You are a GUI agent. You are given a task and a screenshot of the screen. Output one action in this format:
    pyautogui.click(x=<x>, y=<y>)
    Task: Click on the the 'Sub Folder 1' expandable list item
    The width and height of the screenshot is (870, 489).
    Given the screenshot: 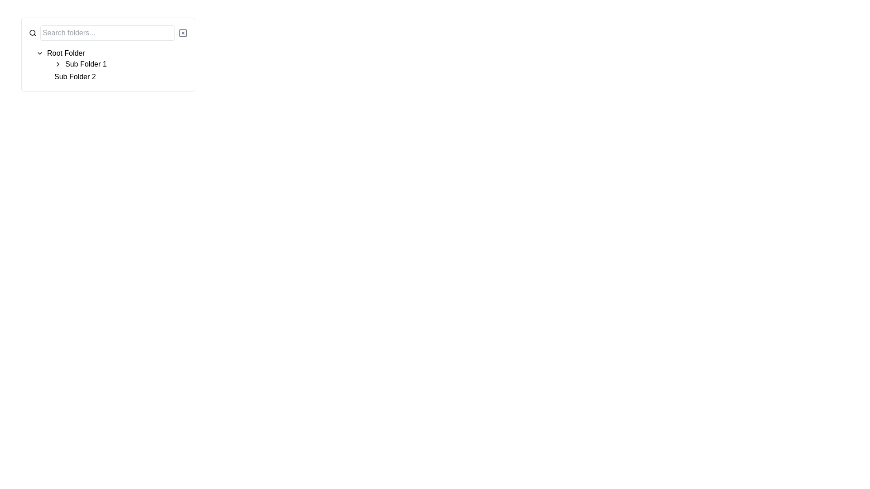 What is the action you would take?
    pyautogui.click(x=121, y=64)
    